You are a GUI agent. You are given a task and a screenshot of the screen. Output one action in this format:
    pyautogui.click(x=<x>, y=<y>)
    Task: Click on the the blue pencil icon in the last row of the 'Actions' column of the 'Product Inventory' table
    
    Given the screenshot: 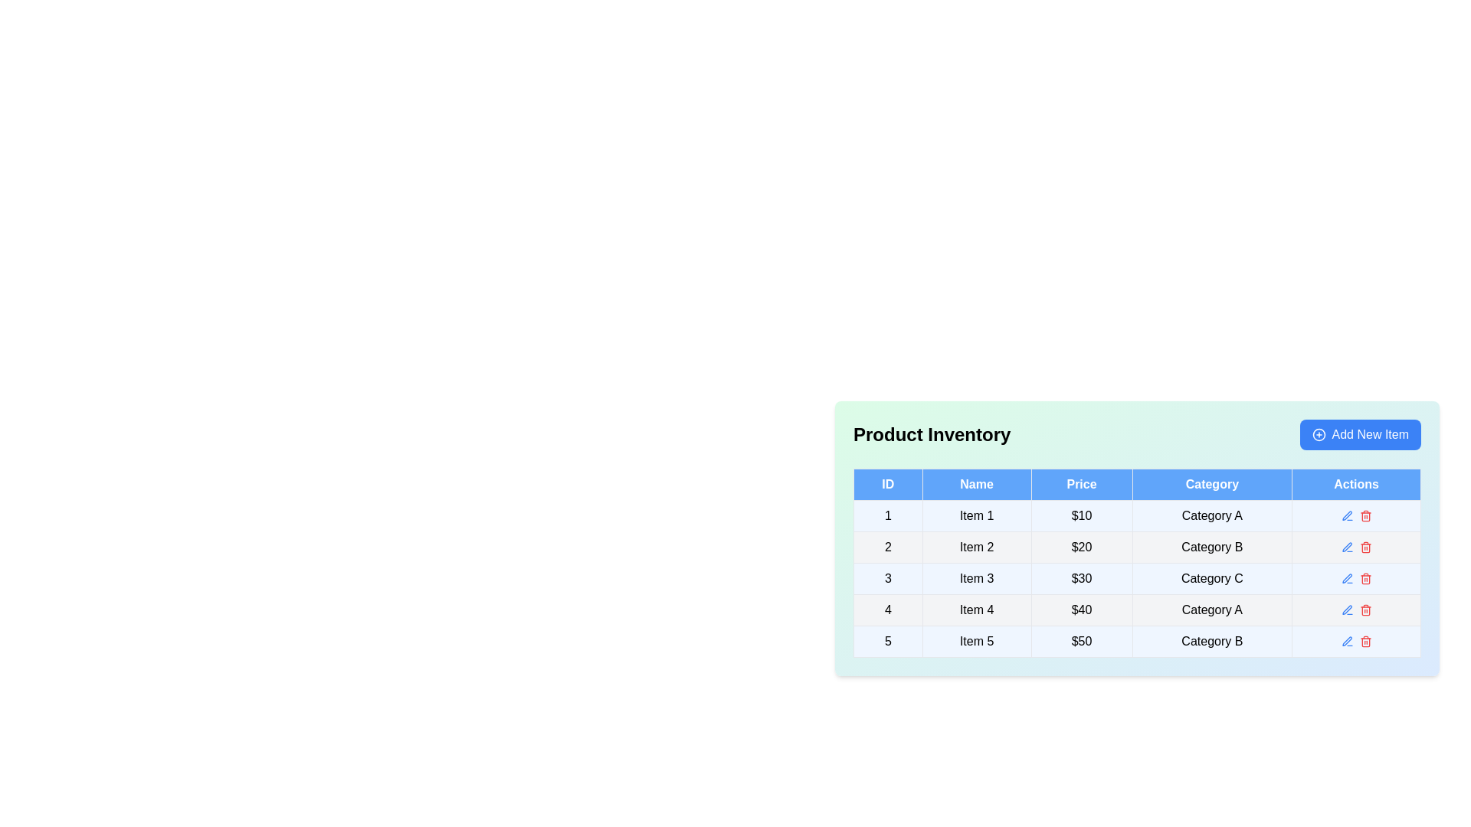 What is the action you would take?
    pyautogui.click(x=1346, y=641)
    